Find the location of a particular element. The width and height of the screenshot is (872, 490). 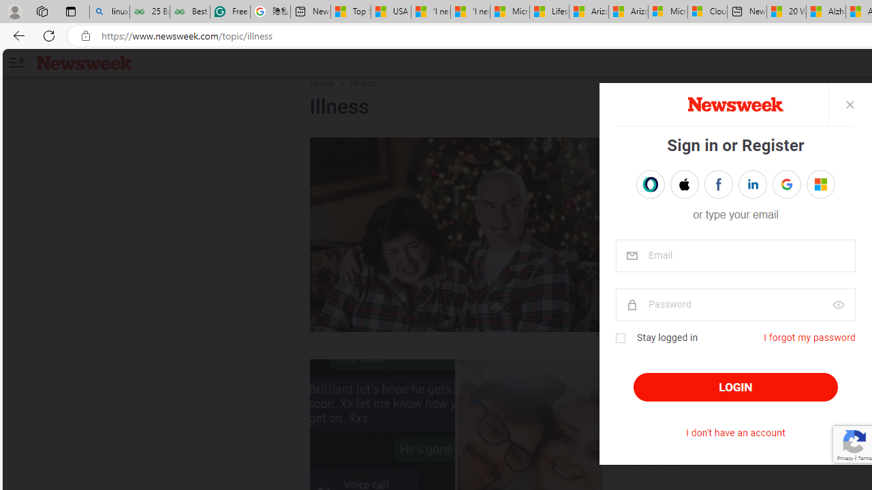

'email' is located at coordinates (734, 256).